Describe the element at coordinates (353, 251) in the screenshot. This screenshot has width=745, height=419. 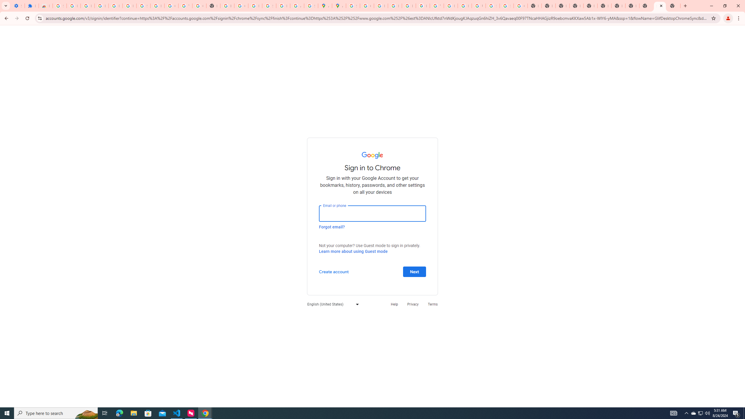
I see `'Learn more about using Guest mode'` at that location.